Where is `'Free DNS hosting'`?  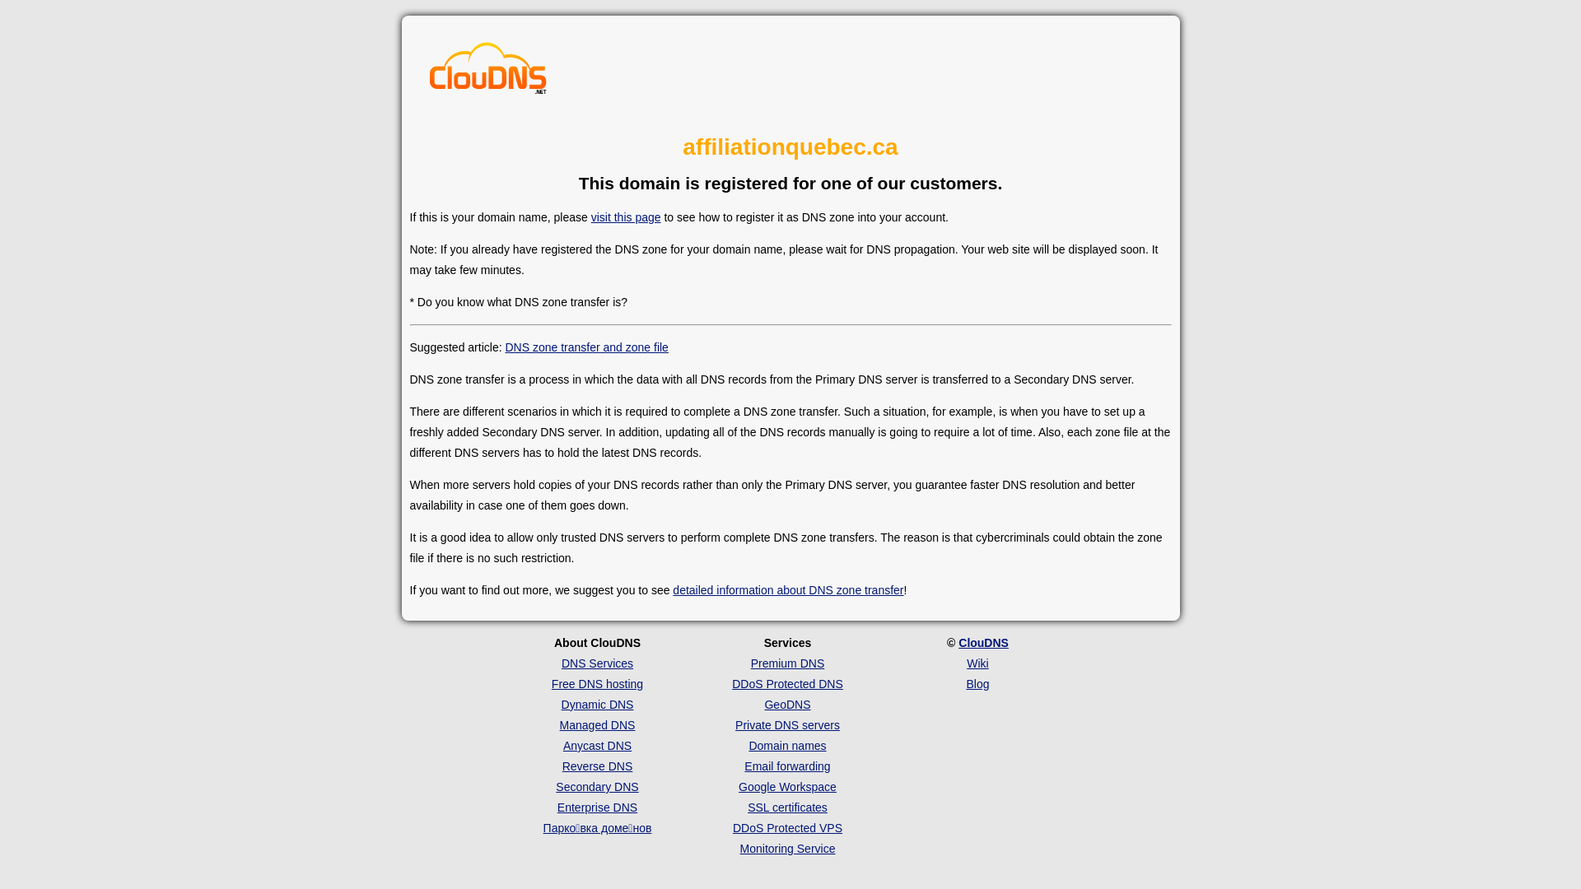 'Free DNS hosting' is located at coordinates (596, 683).